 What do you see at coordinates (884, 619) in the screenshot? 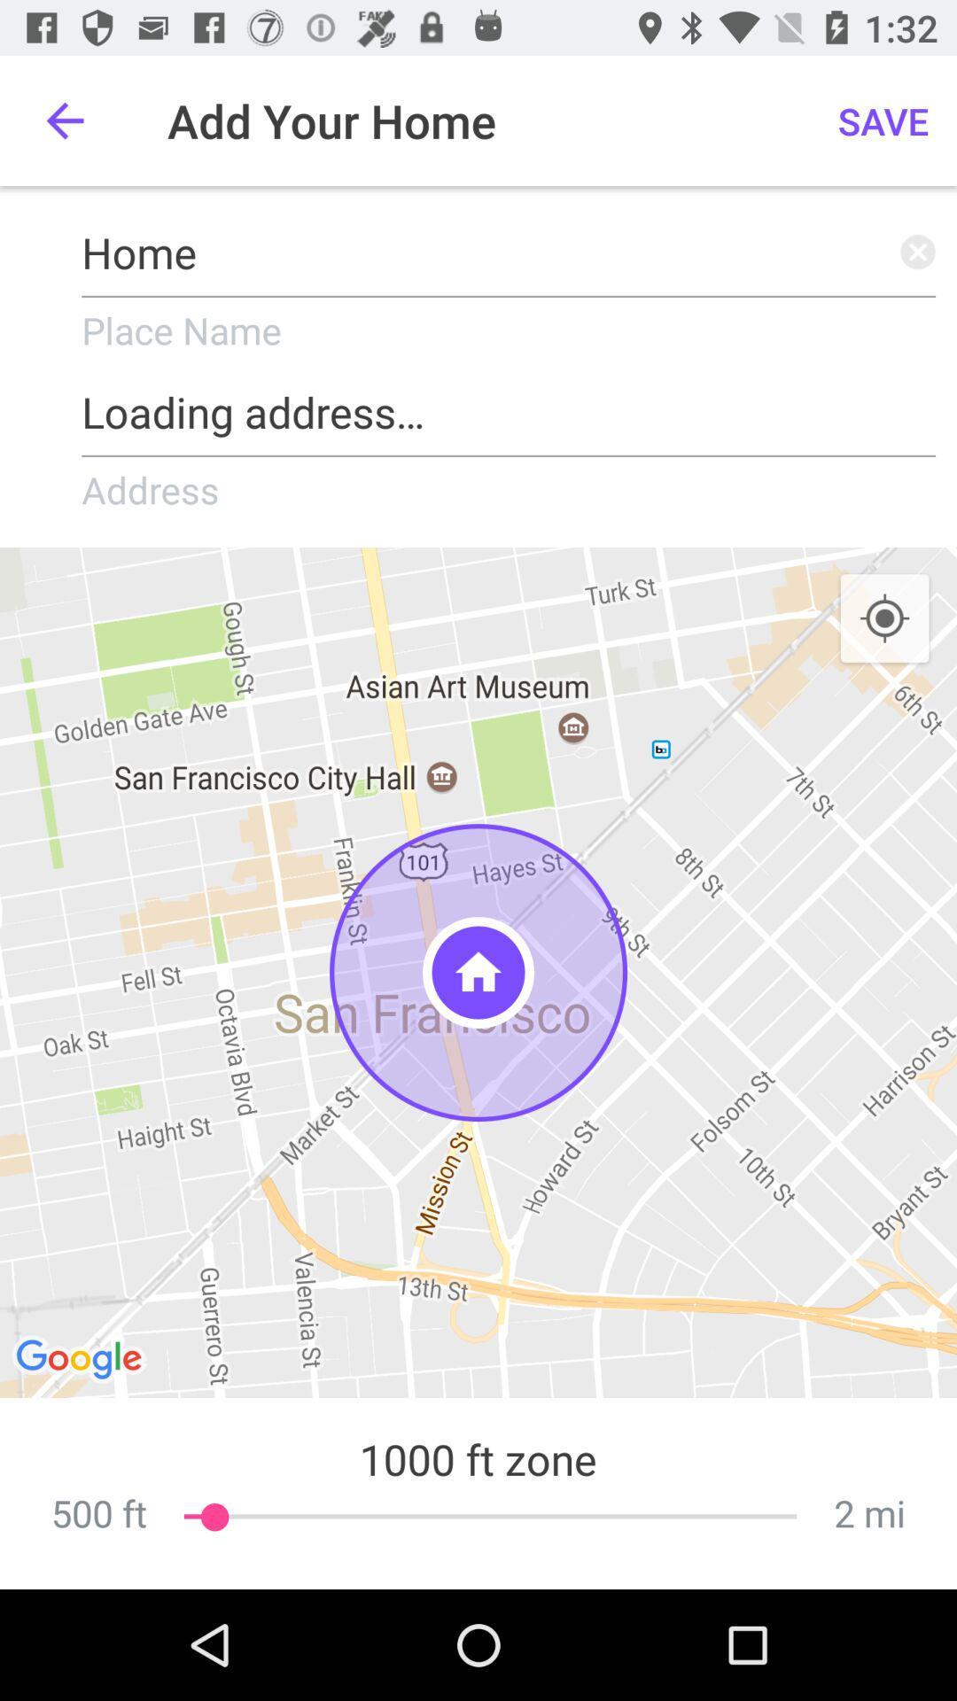
I see `the location_crosshair icon` at bounding box center [884, 619].